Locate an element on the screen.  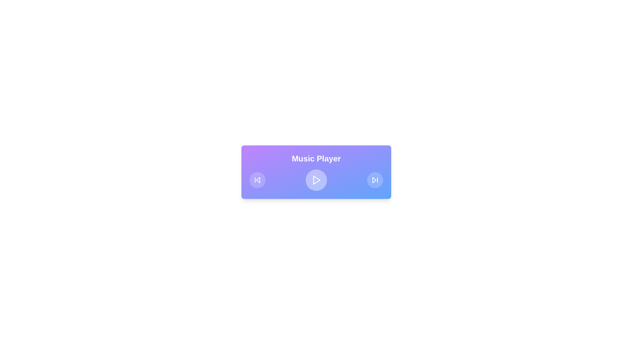
the skip-forward icon located at the bottom right of the multimedia control bar is located at coordinates (374, 180).